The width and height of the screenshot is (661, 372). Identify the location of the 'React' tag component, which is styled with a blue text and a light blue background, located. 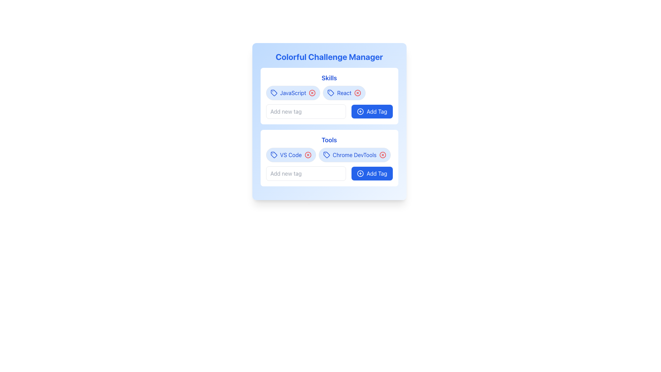
(344, 93).